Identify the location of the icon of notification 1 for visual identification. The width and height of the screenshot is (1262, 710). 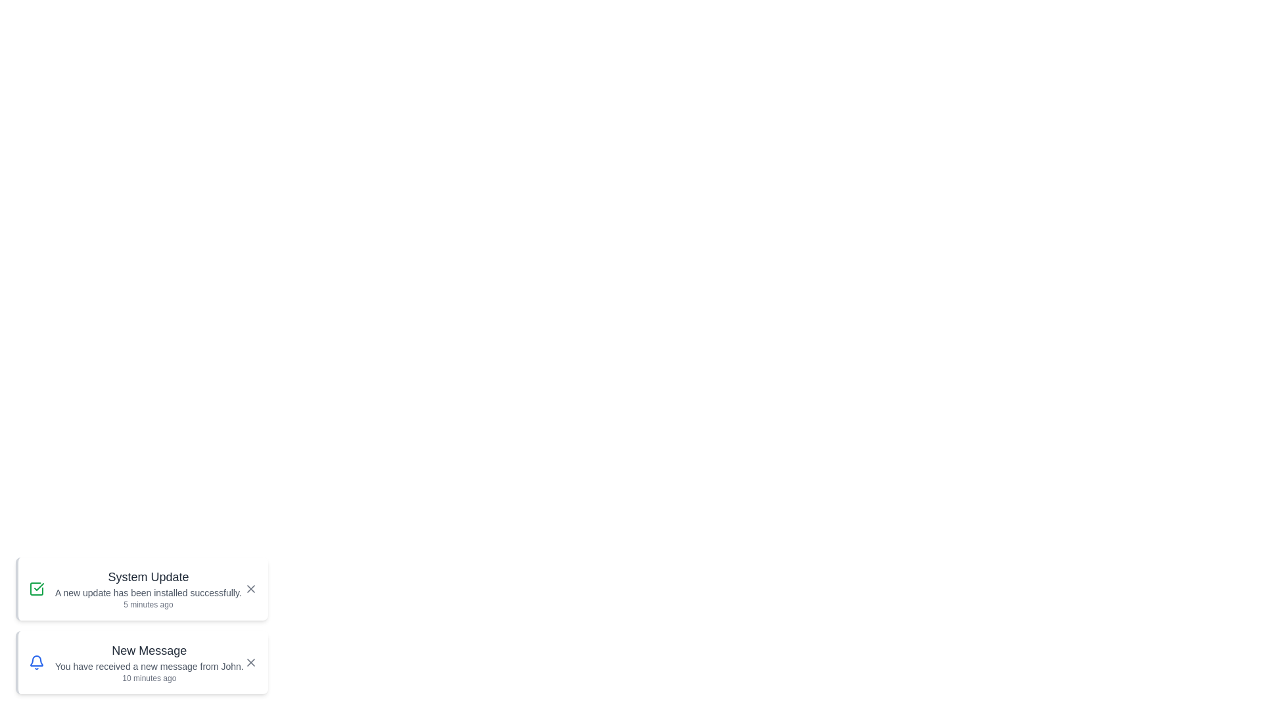
(37, 588).